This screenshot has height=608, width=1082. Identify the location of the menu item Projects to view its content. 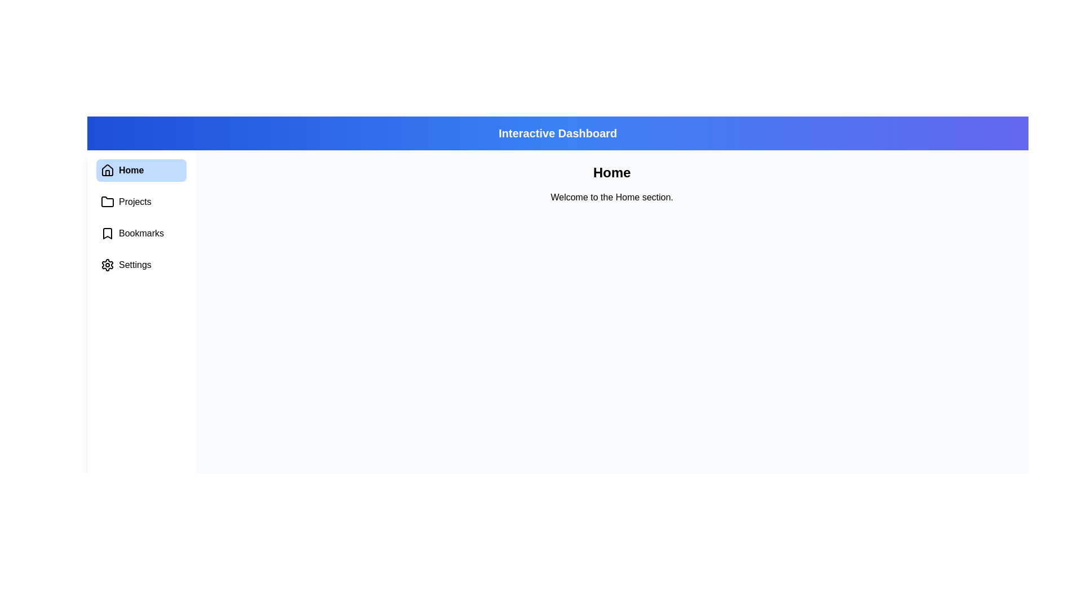
(140, 201).